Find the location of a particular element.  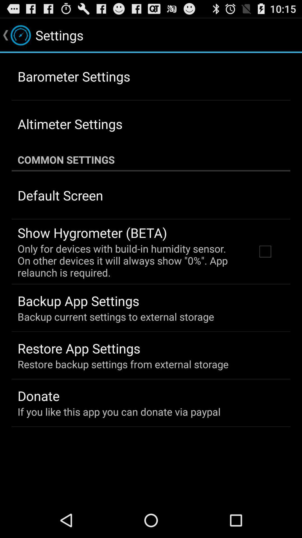

item to the right of the only for devices app is located at coordinates (265, 251).